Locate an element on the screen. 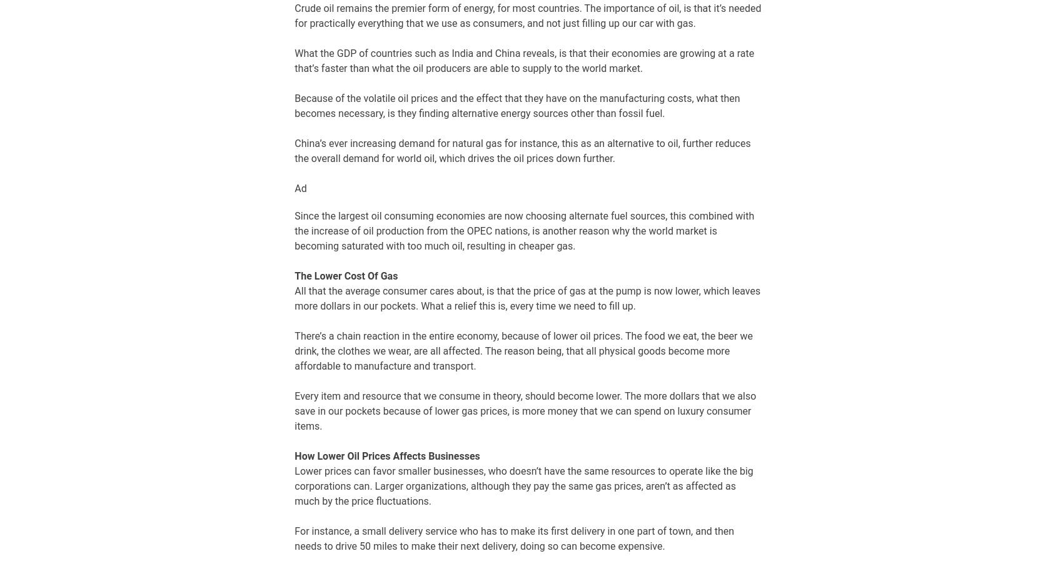  'All that the average consumer cares about, is that the price of gas at the pump is now lower, which leaves more dollars in our pockets. What a relief this is, every time we need to fill up.' is located at coordinates (294, 298).